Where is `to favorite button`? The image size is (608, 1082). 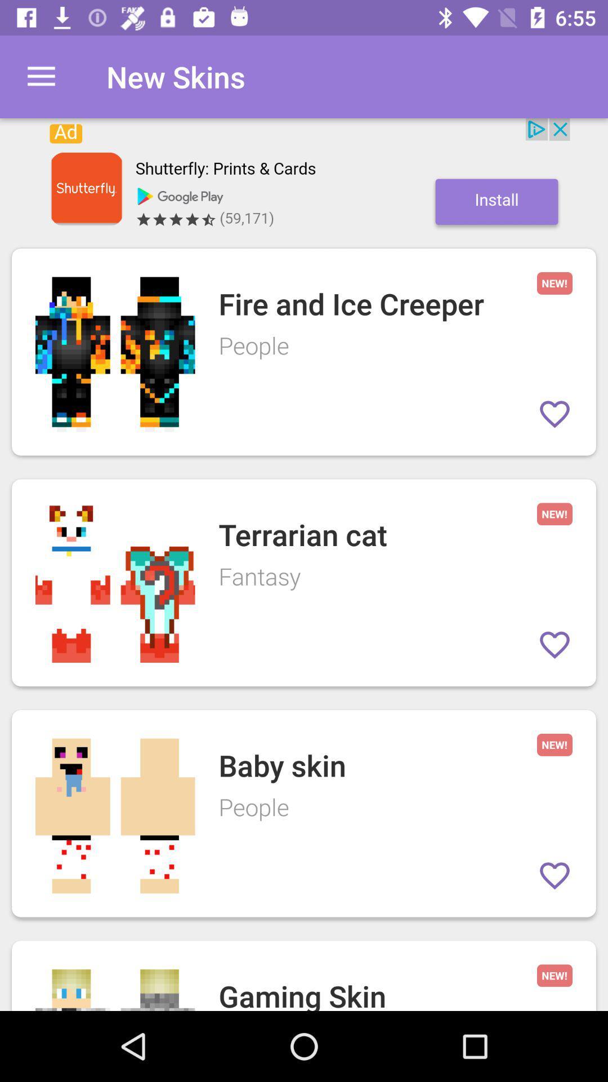 to favorite button is located at coordinates (554, 875).